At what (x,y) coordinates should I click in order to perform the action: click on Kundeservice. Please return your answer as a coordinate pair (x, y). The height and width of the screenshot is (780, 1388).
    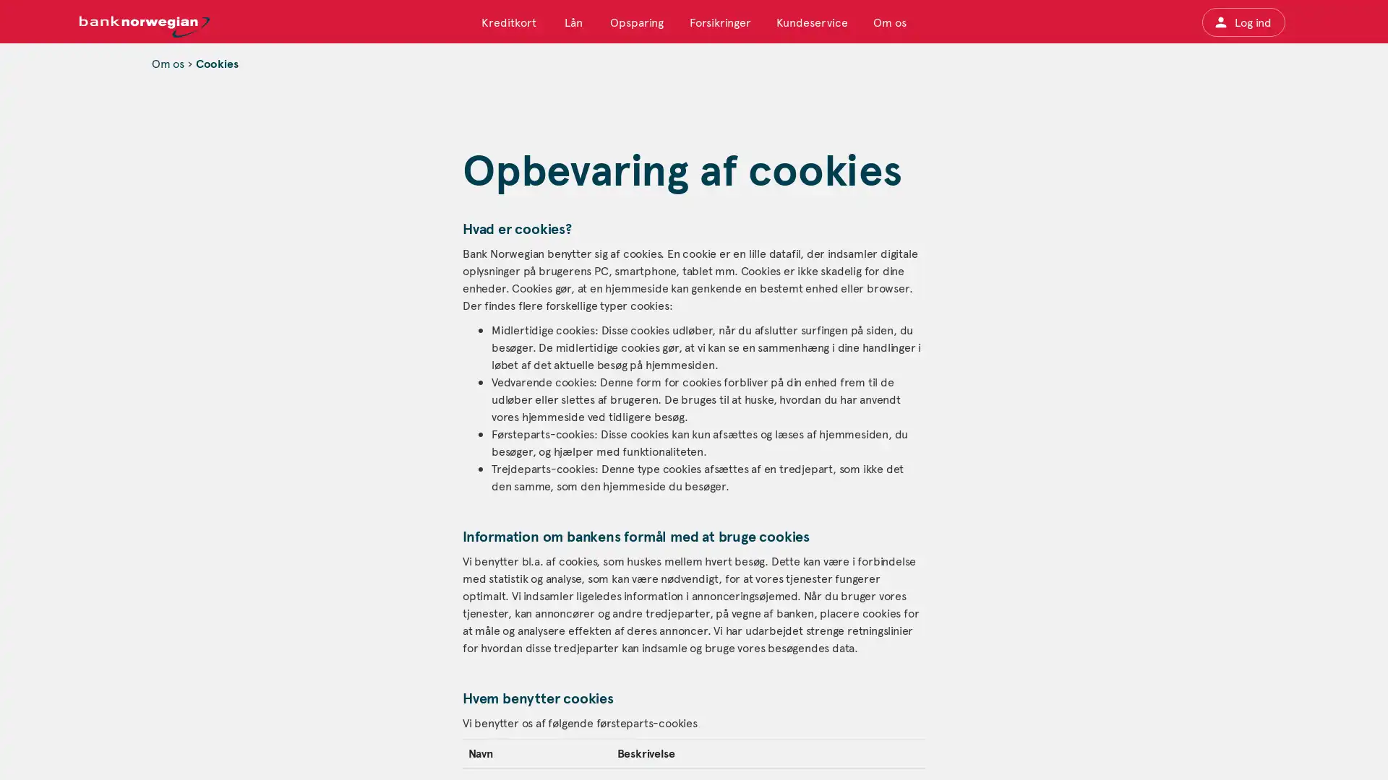
    Looking at the image, I should click on (811, 22).